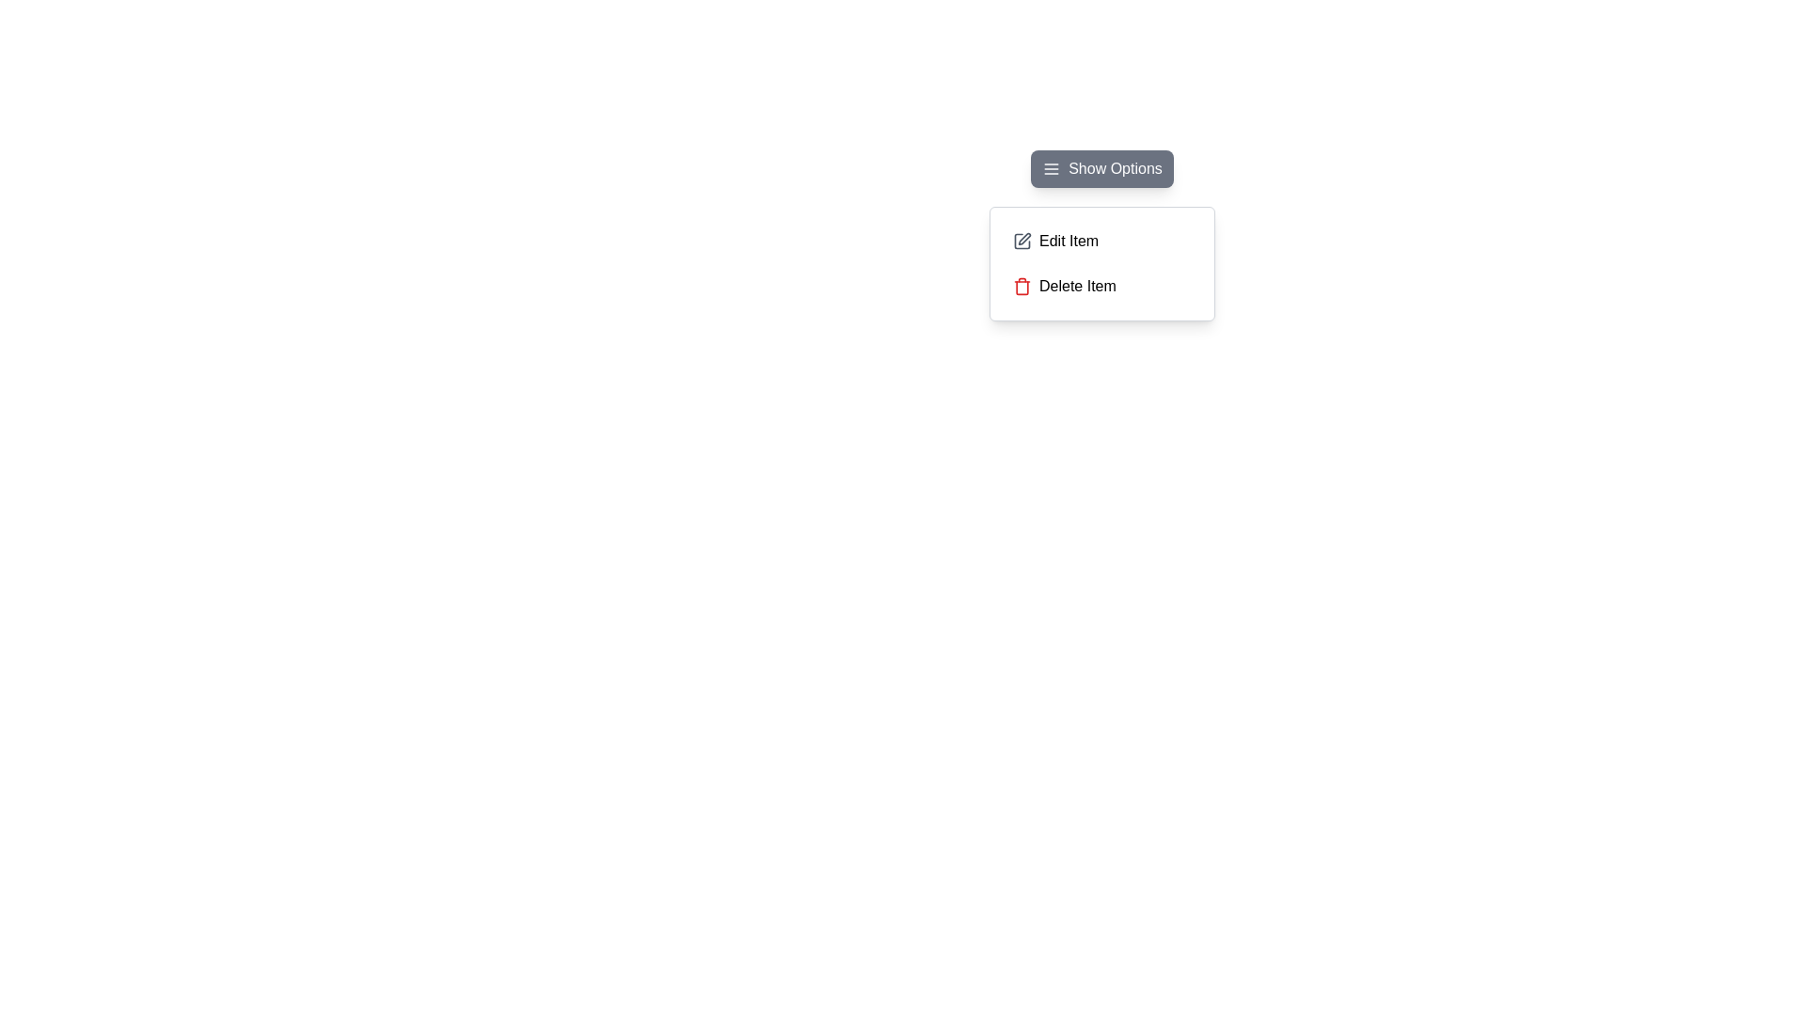  Describe the element at coordinates (1021, 286) in the screenshot. I see `the delete icon, which is the first item in the 'Delete Item' dropdown list below the 'Show Options' button` at that location.